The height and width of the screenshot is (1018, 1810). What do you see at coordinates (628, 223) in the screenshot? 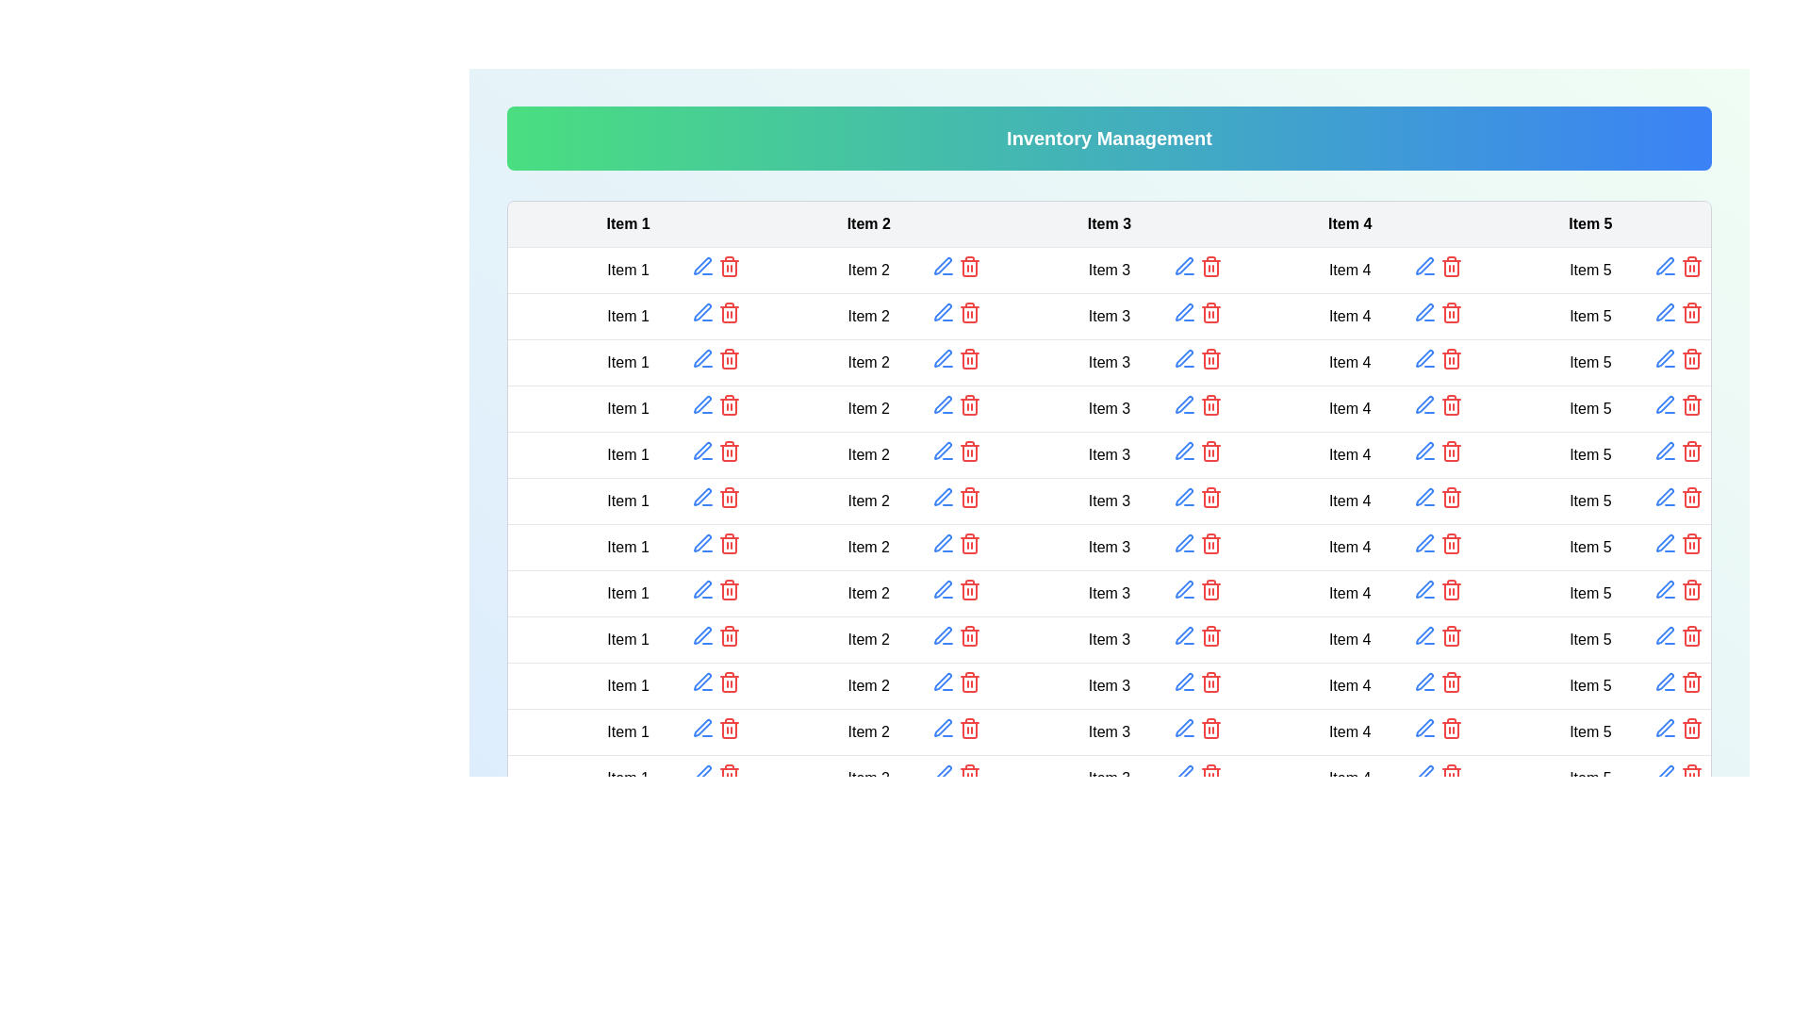
I see `the table header to sort the column by Item 1` at bounding box center [628, 223].